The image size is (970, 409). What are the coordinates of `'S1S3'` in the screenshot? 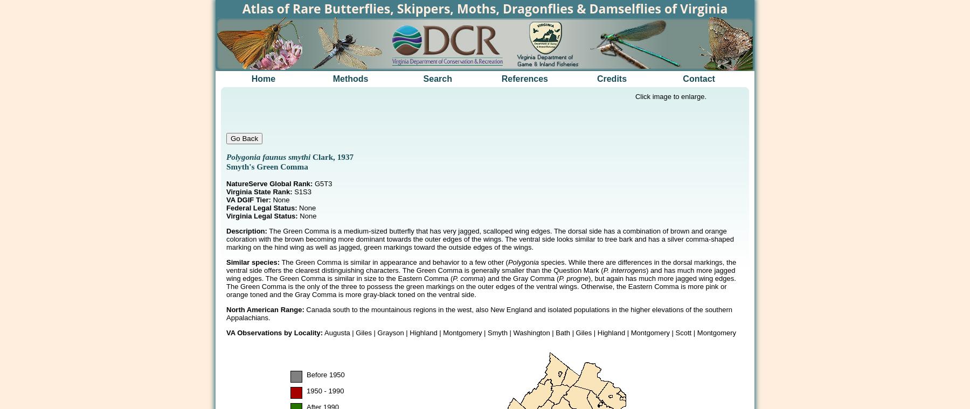 It's located at (301, 192).